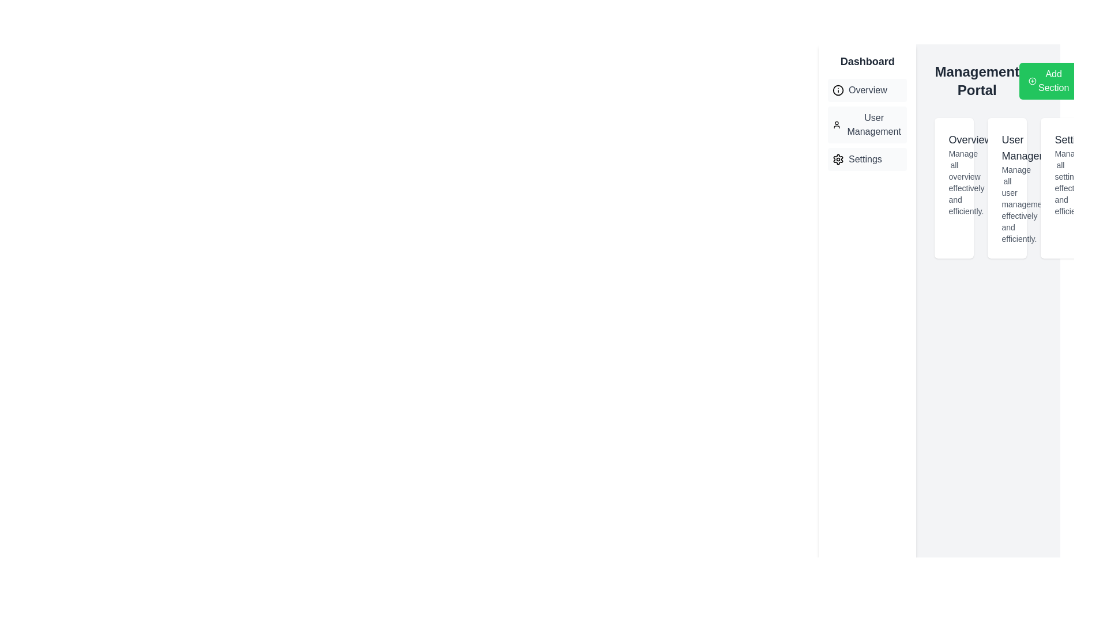 Image resolution: width=1107 pixels, height=622 pixels. I want to click on the first card in the card group that serves as a descriptive navigation or summary card, which likely leads to the 'Overview' section of the application, so click(954, 188).